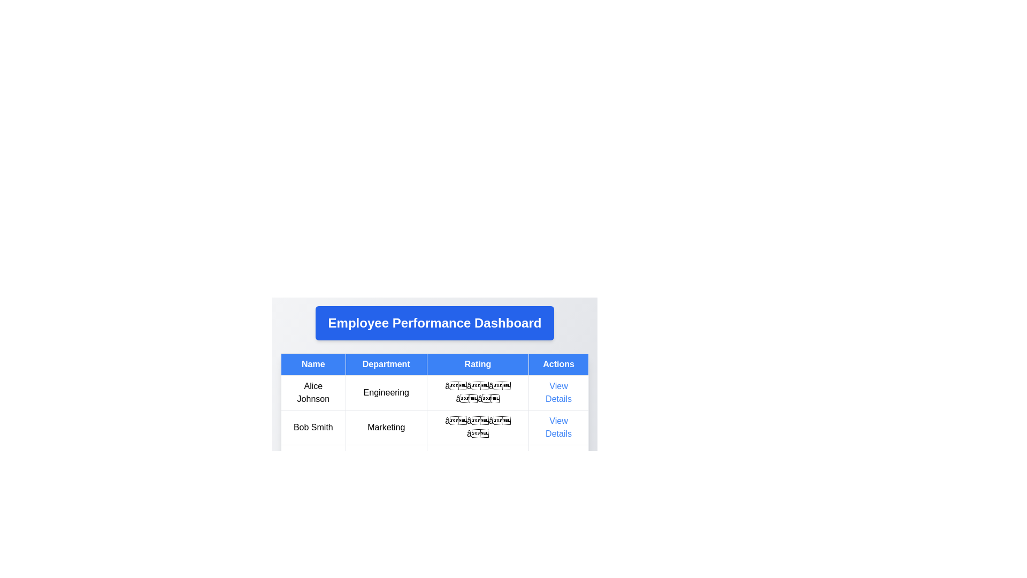  I want to click on the second 'View Details' text link, styled in blue and underlined, located in the 'Actions' column of the table corresponding to Alice Johnson in the Engineering department, so click(558, 392).